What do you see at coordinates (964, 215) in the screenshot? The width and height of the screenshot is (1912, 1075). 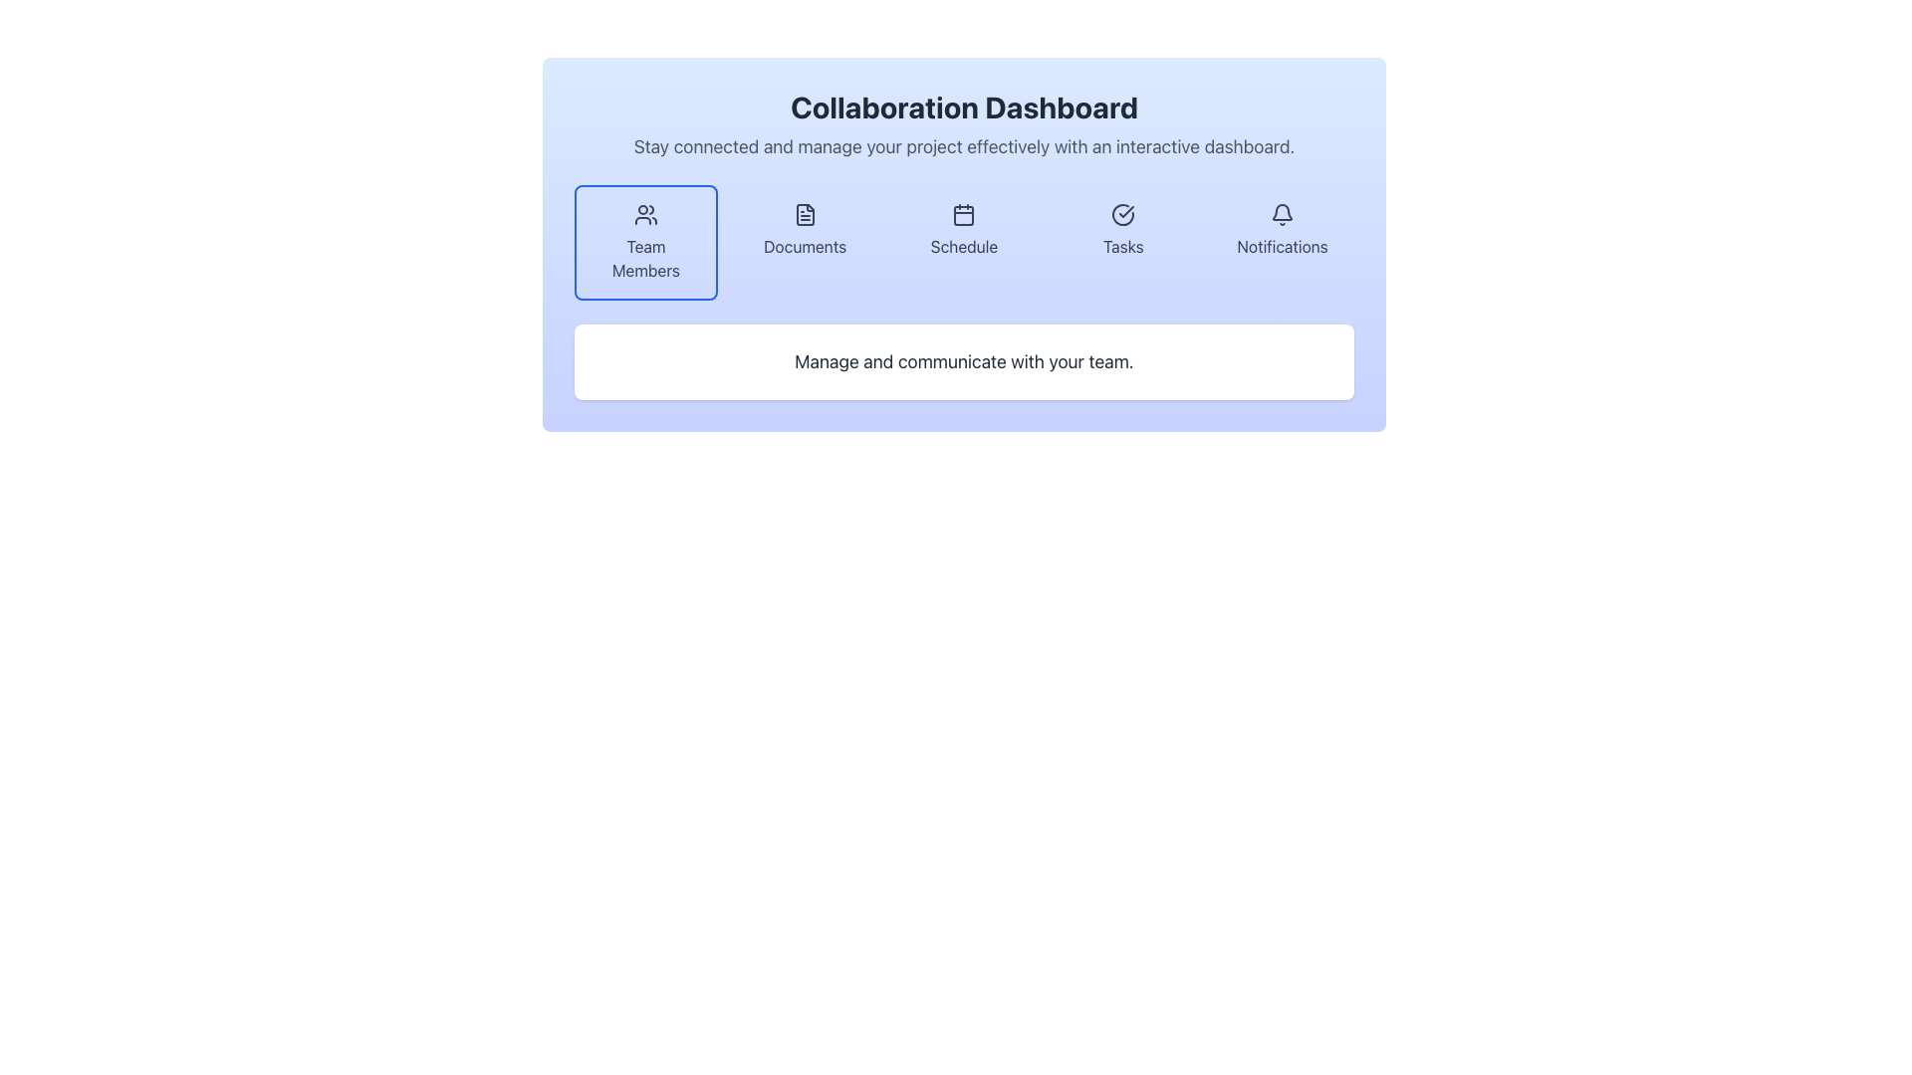 I see `the 'Schedule' icon located in the dashboard` at bounding box center [964, 215].